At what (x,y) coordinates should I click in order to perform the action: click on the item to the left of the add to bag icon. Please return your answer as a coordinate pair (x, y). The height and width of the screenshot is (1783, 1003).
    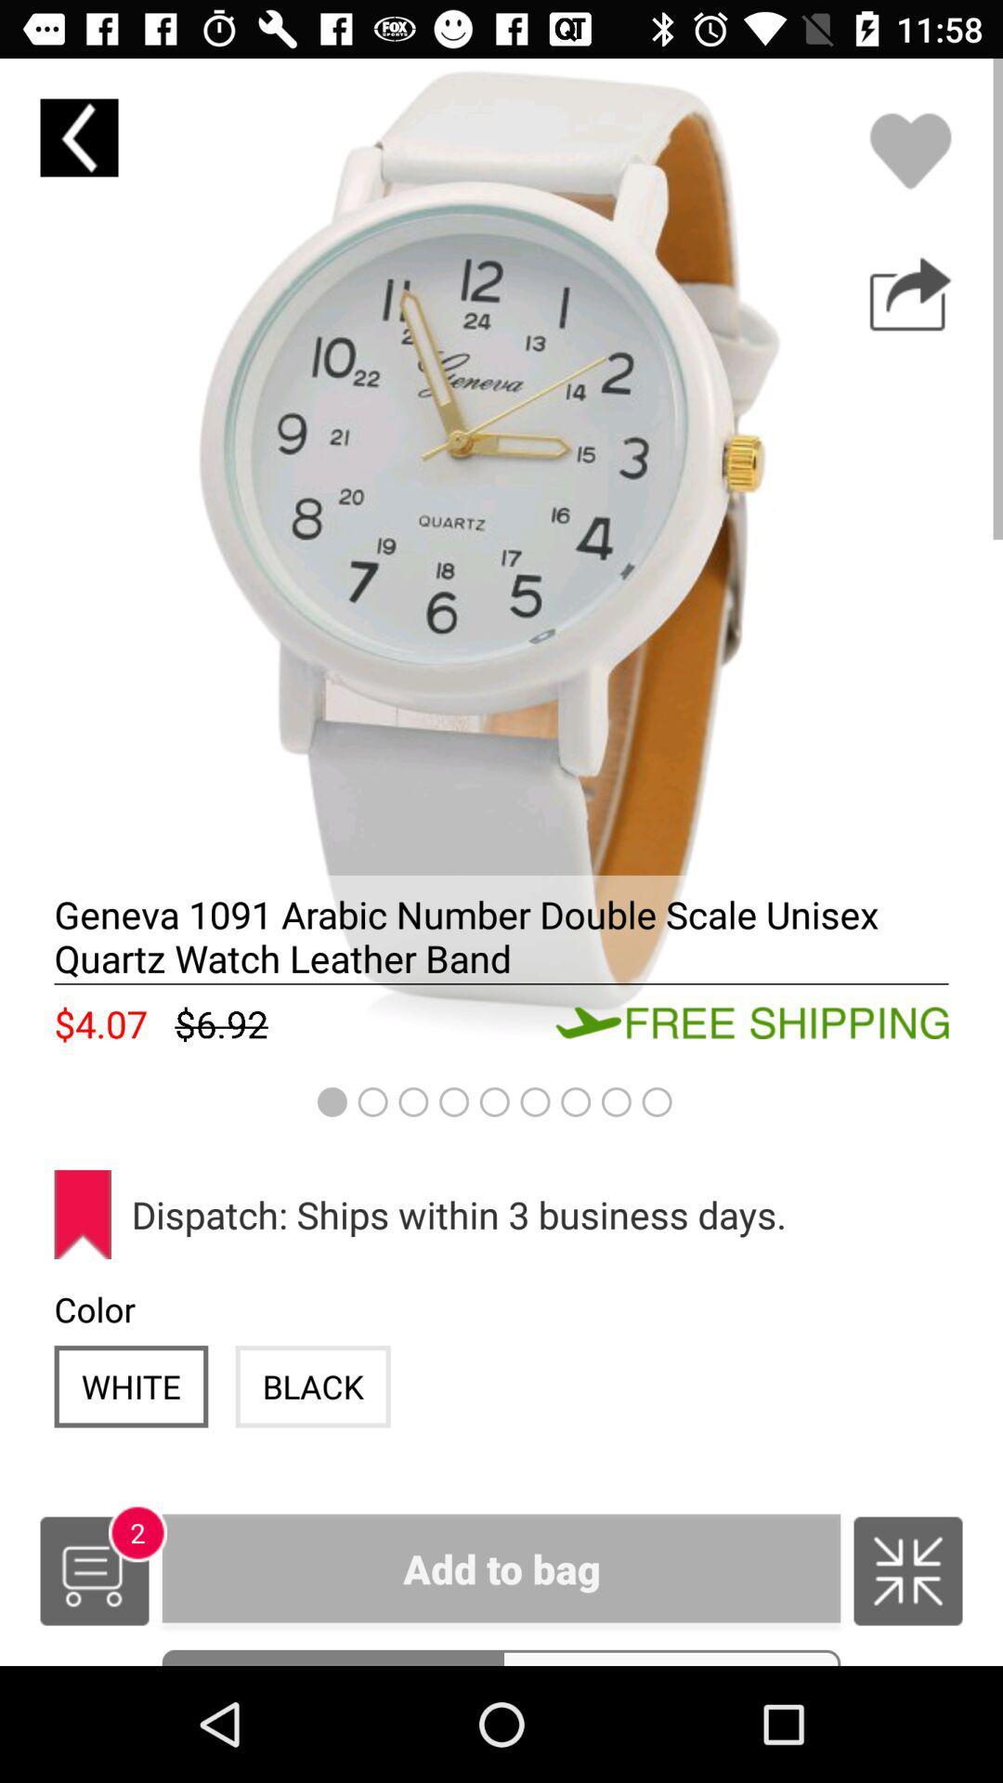
    Looking at the image, I should click on (94, 1569).